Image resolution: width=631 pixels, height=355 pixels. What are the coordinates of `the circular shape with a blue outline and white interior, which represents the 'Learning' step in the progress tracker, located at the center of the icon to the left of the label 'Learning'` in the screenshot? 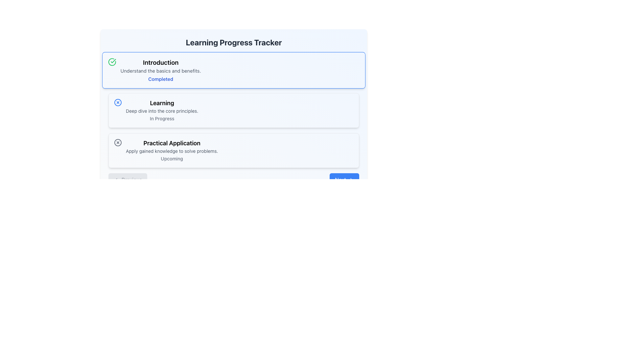 It's located at (118, 103).